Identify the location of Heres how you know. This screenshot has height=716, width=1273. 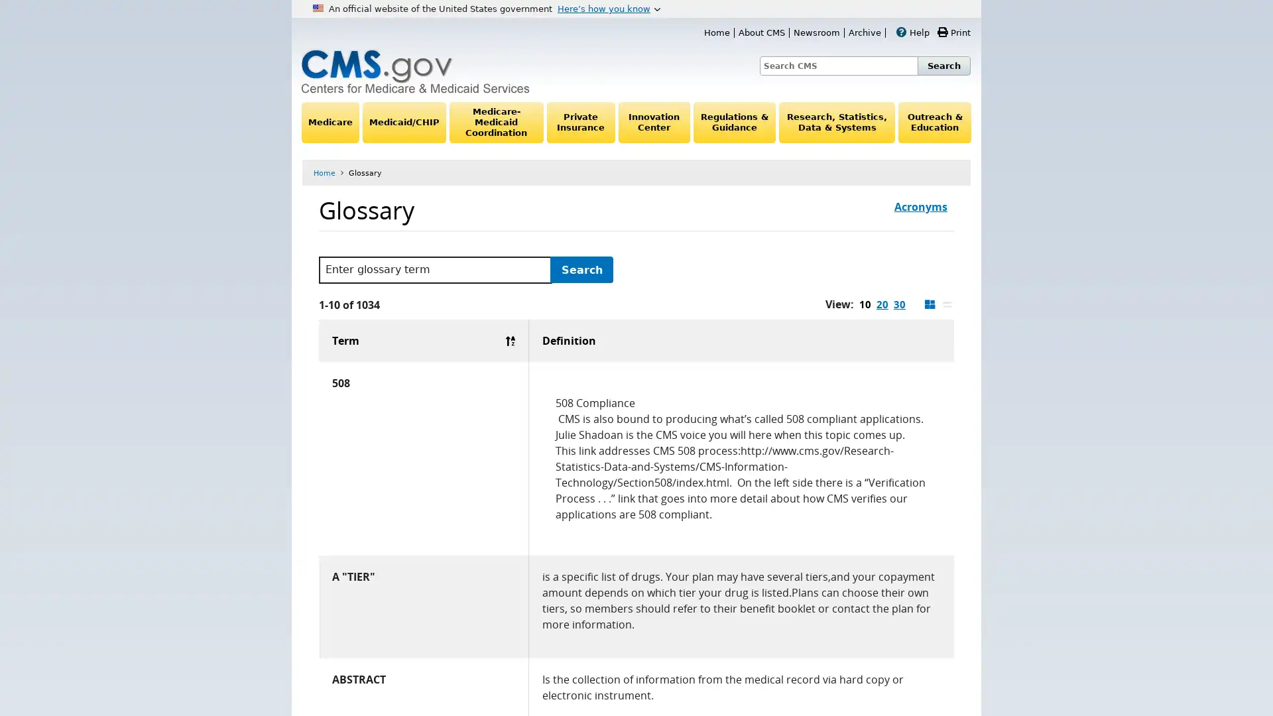
(608, 8).